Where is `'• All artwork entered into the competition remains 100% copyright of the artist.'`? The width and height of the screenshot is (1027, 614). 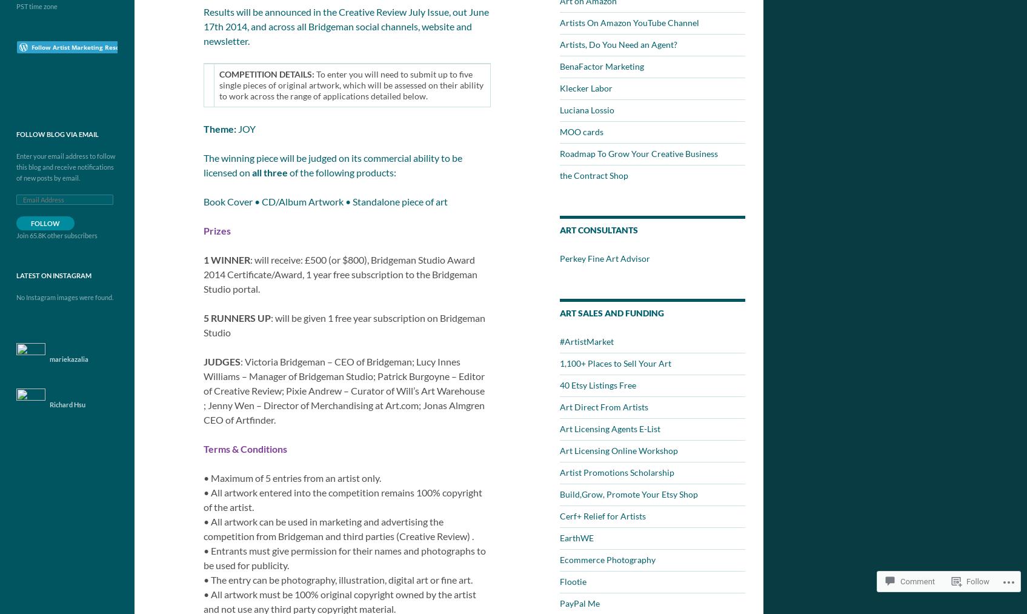 '• All artwork entered into the competition remains 100% copyright of the artist.' is located at coordinates (202, 499).